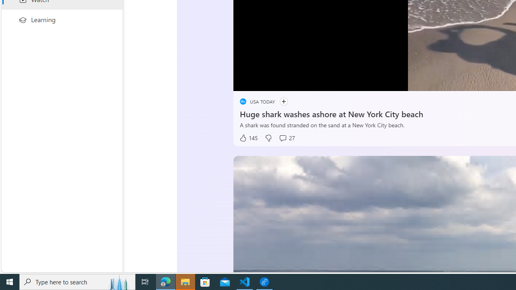 Image resolution: width=516 pixels, height=290 pixels. I want to click on '145 Like', so click(248, 138).